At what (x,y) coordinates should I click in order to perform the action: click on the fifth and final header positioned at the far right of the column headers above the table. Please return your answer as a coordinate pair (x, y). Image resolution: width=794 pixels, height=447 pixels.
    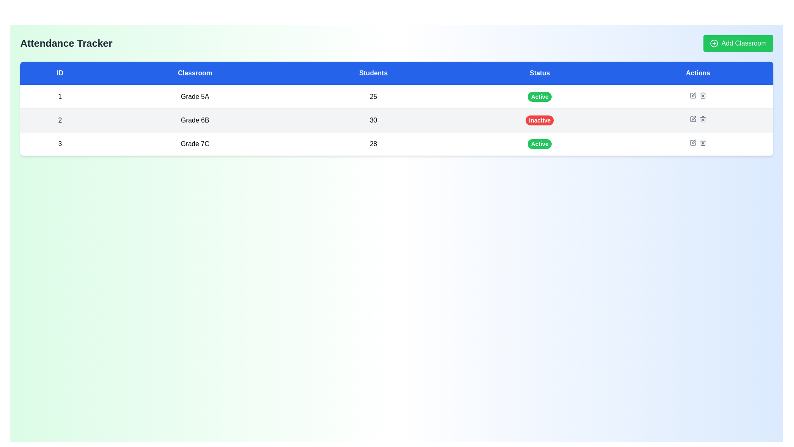
    Looking at the image, I should click on (698, 73).